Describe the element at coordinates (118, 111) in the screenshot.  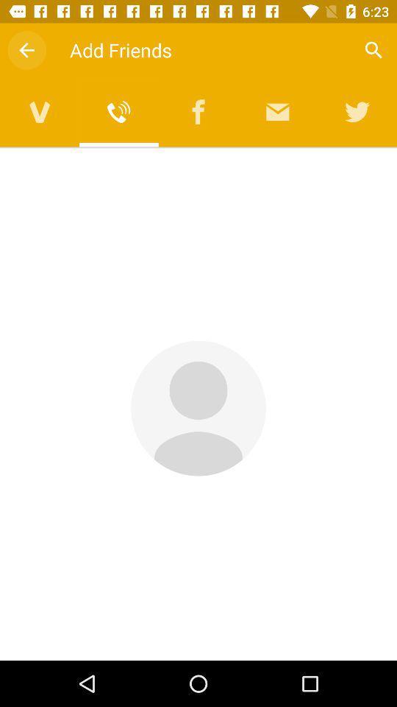
I see `call` at that location.